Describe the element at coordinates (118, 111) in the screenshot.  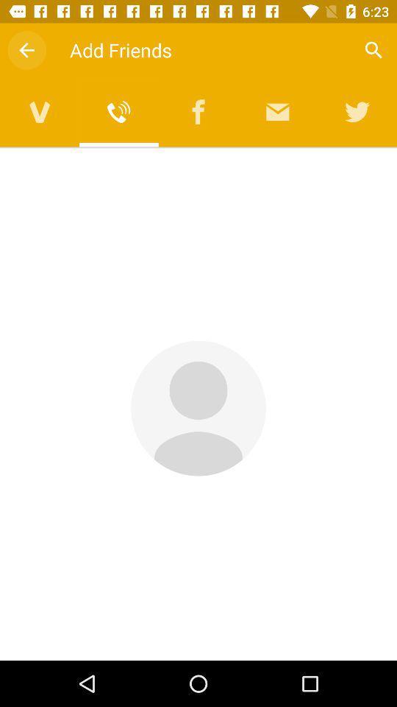
I see `call` at that location.